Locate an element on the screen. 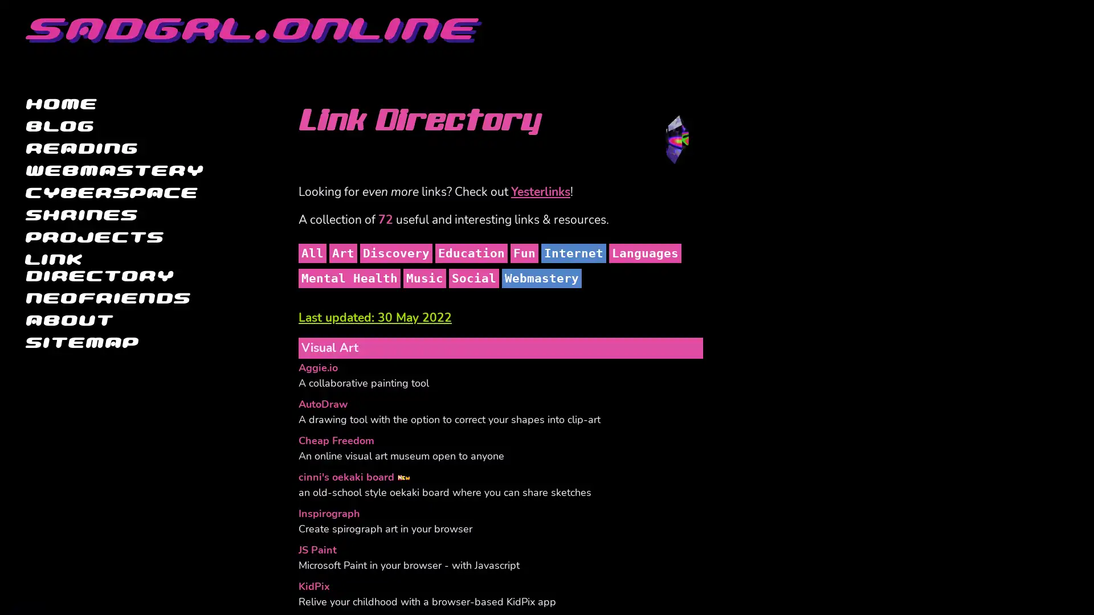 The image size is (1094, 615). Internet is located at coordinates (574, 252).